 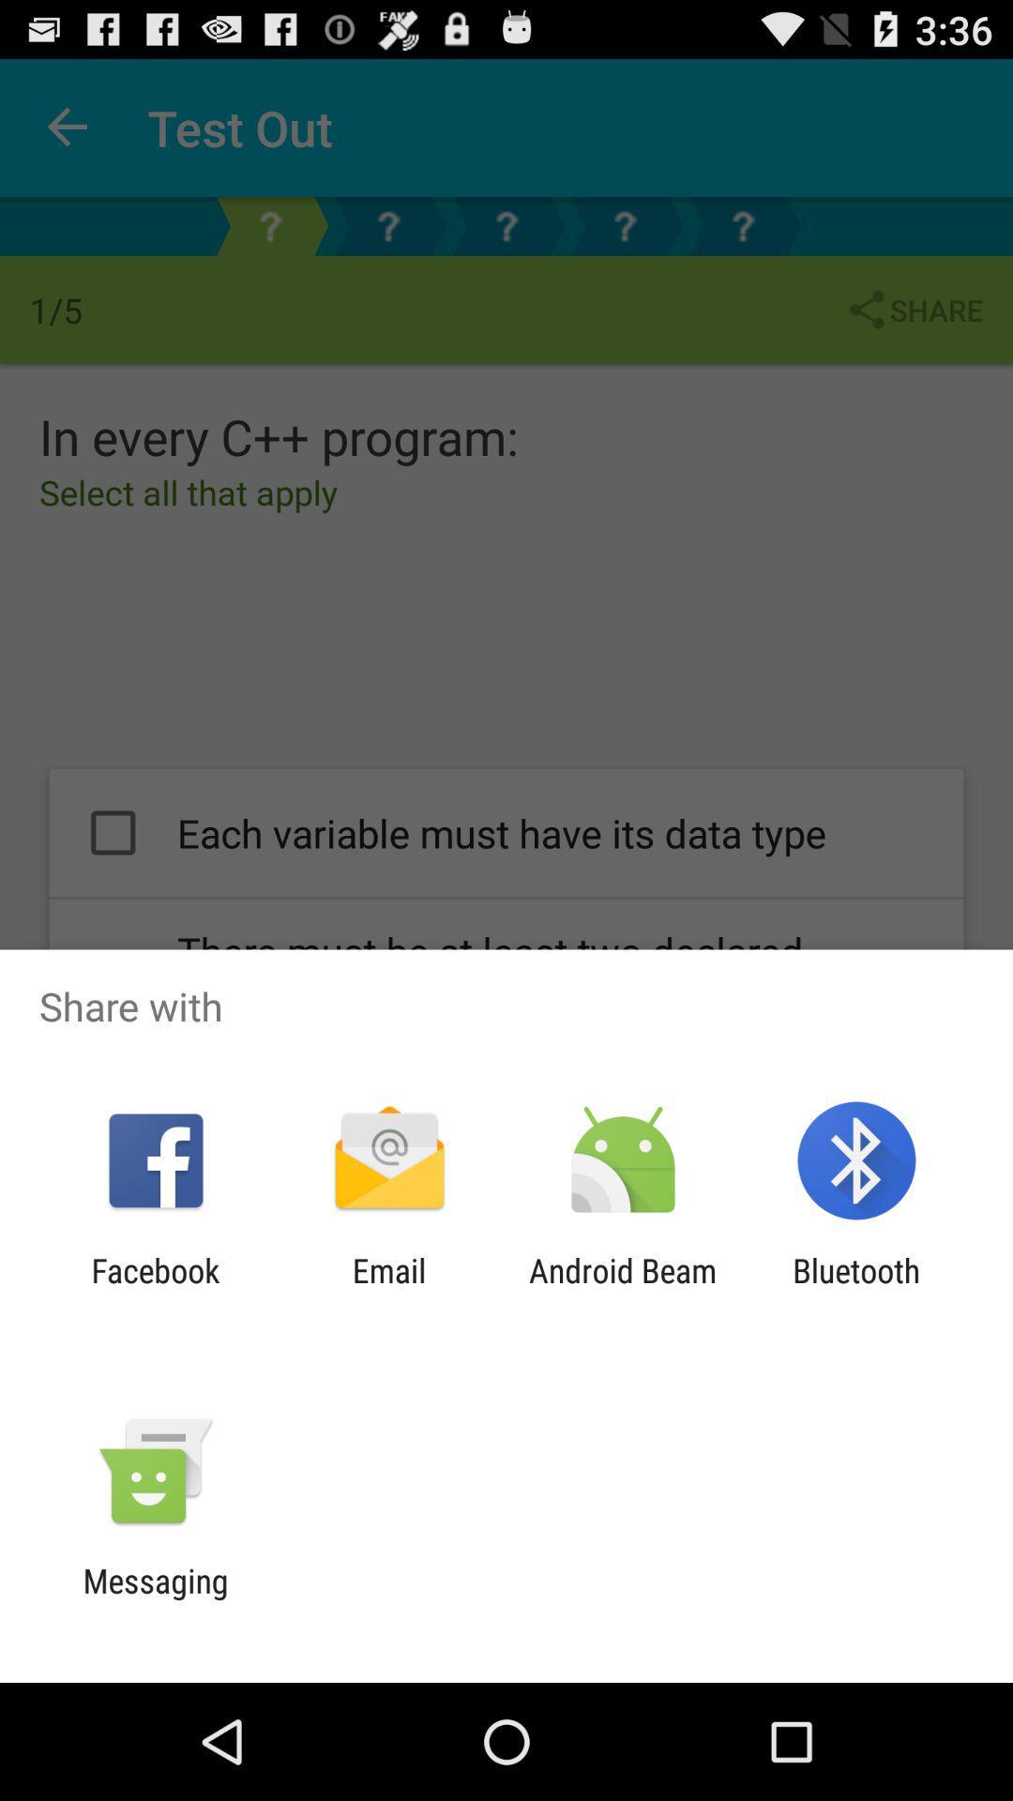 What do you see at coordinates (155, 1289) in the screenshot?
I see `facebook item` at bounding box center [155, 1289].